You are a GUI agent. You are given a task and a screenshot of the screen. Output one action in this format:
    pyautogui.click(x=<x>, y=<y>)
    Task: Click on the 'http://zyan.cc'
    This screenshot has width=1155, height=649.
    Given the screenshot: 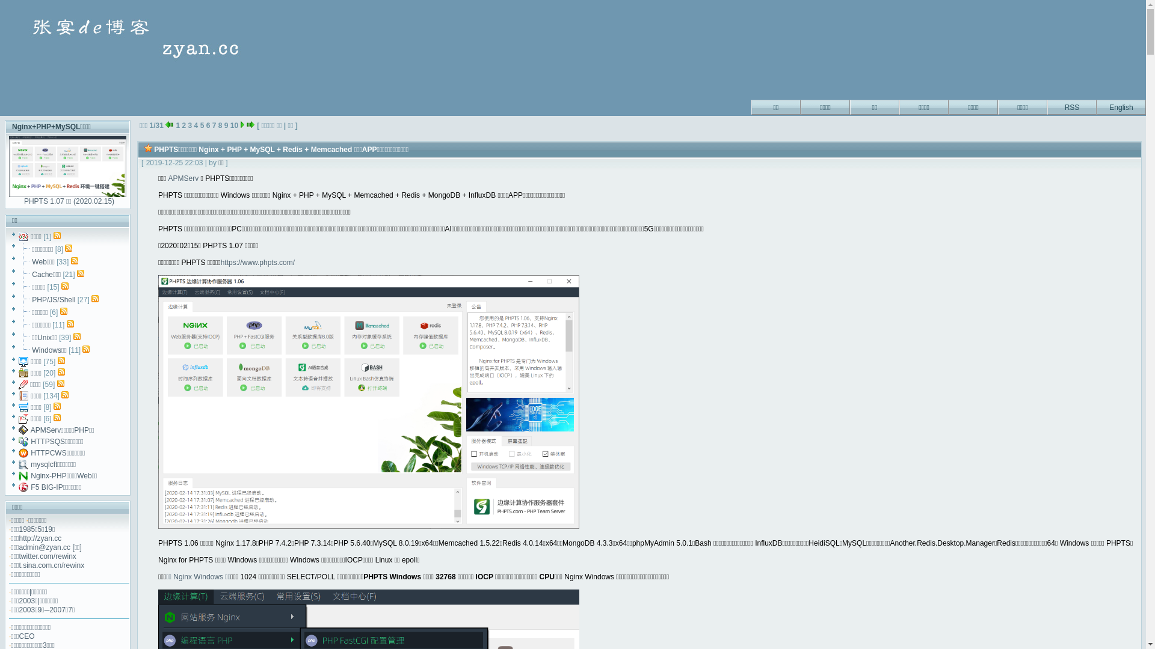 What is the action you would take?
    pyautogui.click(x=40, y=537)
    